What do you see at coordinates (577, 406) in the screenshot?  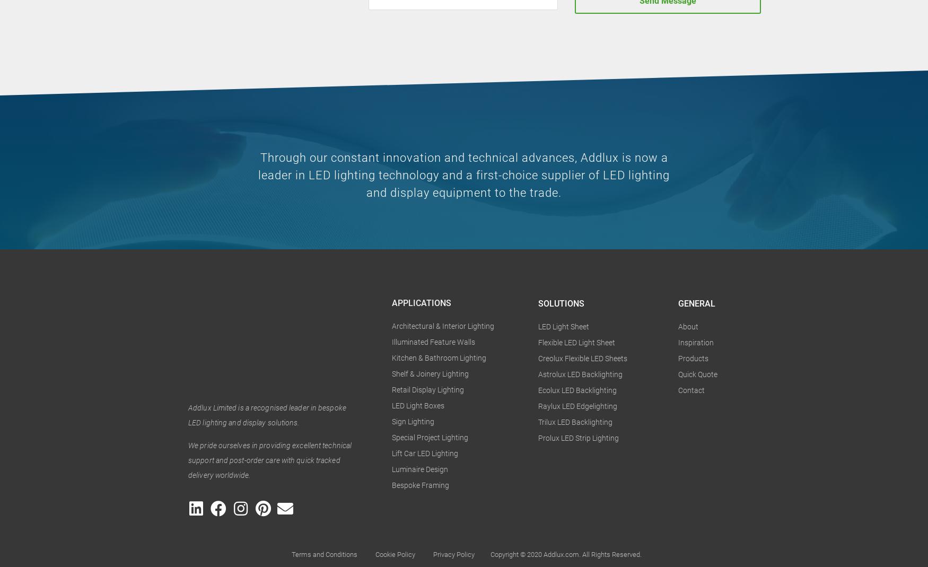 I see `'Raylux LED Edgelighting'` at bounding box center [577, 406].